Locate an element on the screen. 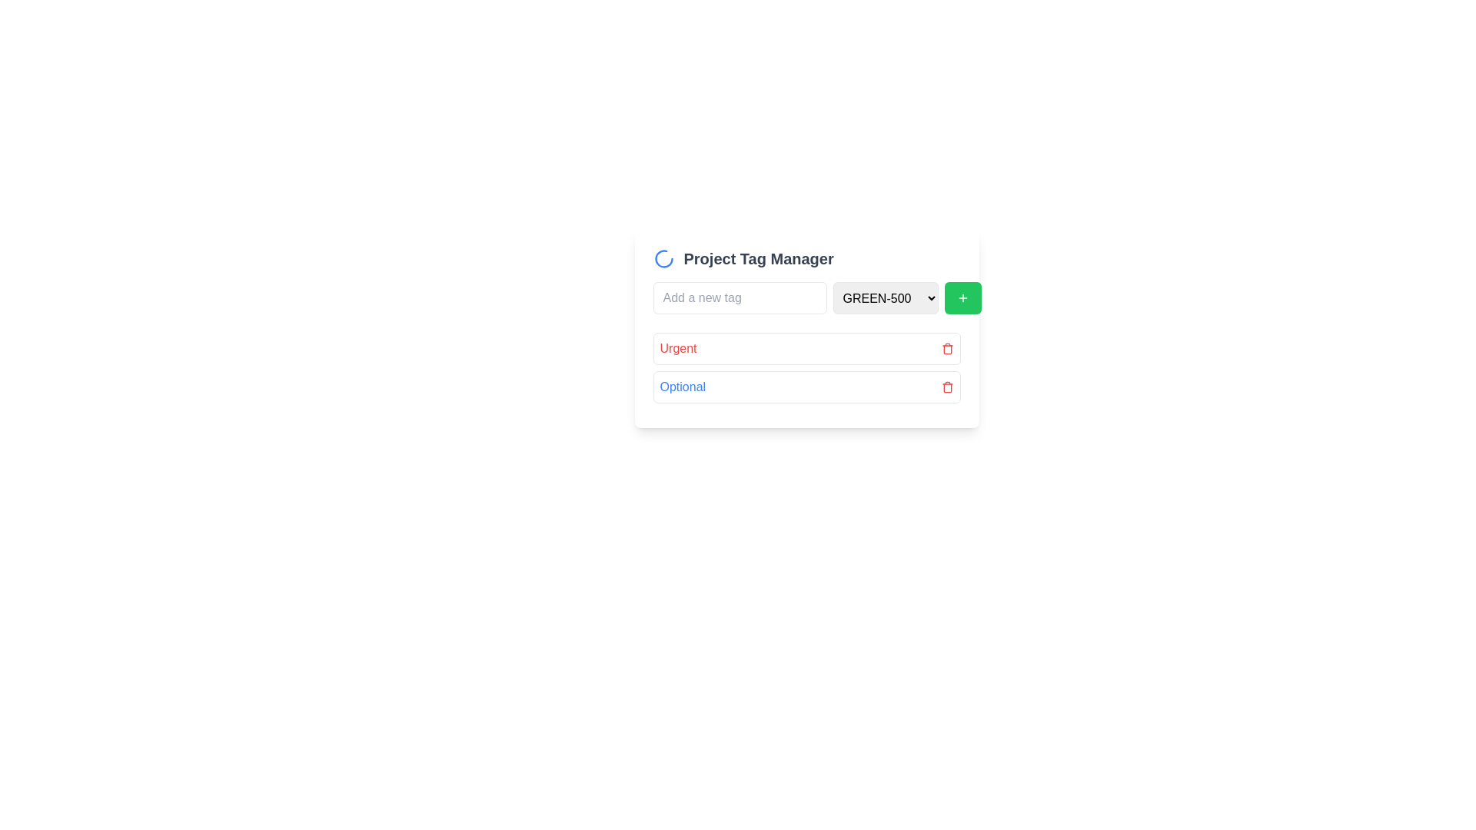  the green rectangular button with rounded corners and a white plus icon, located to the right of the 'GREEN-500' dropdown menu is located at coordinates (962, 298).